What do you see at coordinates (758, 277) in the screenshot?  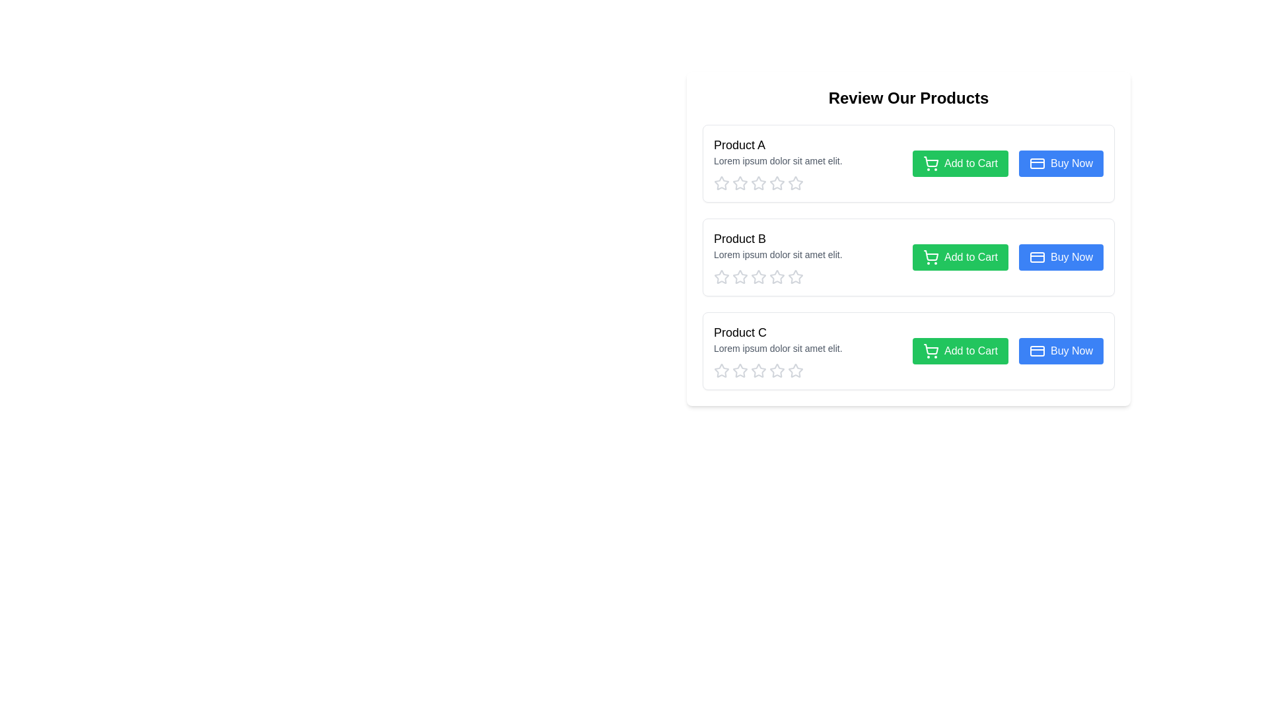 I see `the fourth star-shaped rating icon in the second product card of the 'Review Our Products' section to rate it` at bounding box center [758, 277].